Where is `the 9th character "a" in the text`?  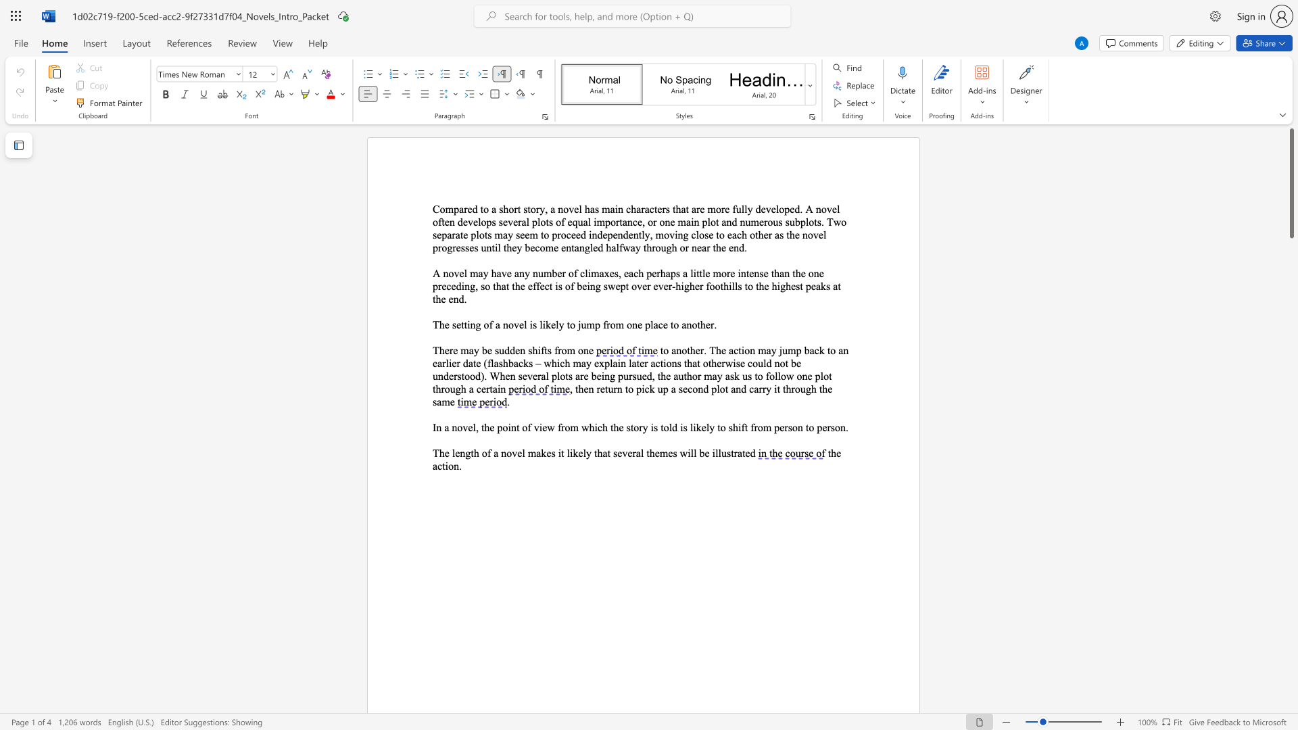
the 9th character "a" in the text is located at coordinates (515, 362).